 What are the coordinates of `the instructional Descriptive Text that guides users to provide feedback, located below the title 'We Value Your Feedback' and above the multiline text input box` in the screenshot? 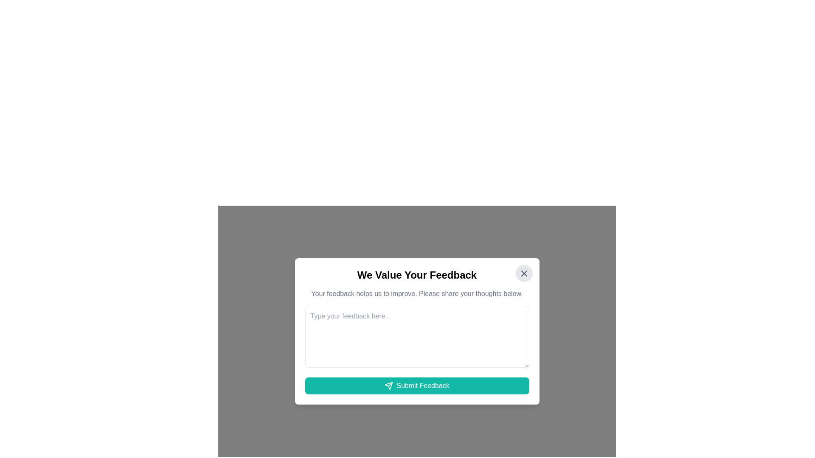 It's located at (417, 293).